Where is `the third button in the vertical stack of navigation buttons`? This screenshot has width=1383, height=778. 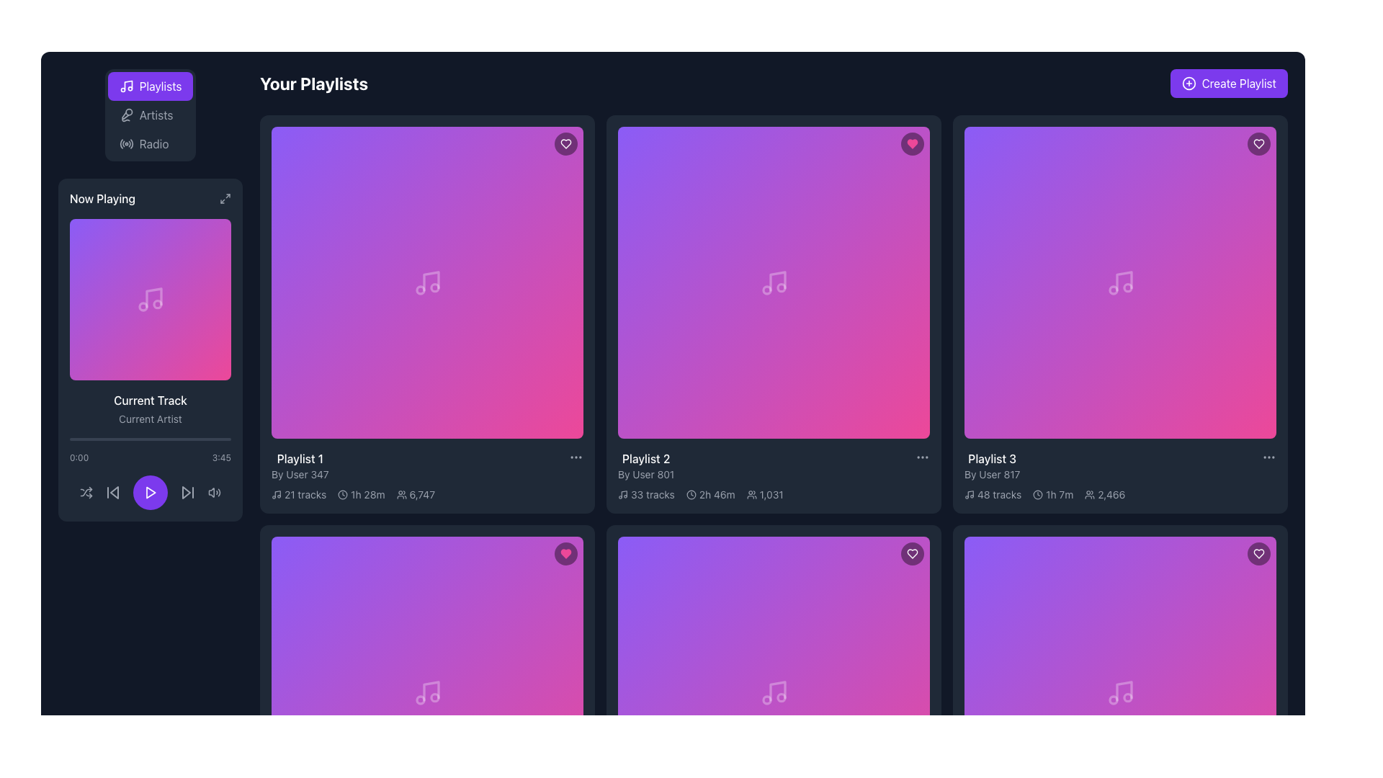 the third button in the vertical stack of navigation buttons is located at coordinates (144, 144).